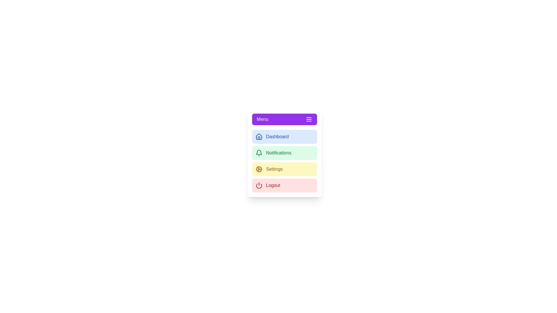 This screenshot has width=557, height=313. Describe the element at coordinates (284, 119) in the screenshot. I see `the 'Menu' button to toggle the visibility of the sidebar menu` at that location.